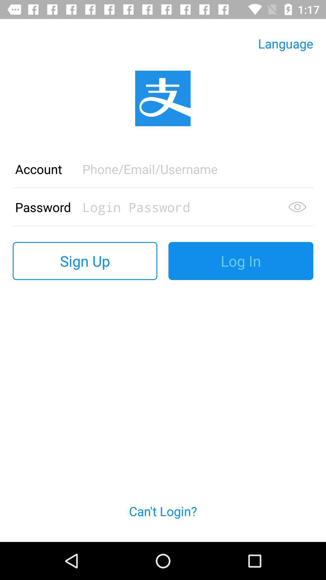 Image resolution: width=326 pixels, height=580 pixels. I want to click on the log in icon, so click(241, 261).